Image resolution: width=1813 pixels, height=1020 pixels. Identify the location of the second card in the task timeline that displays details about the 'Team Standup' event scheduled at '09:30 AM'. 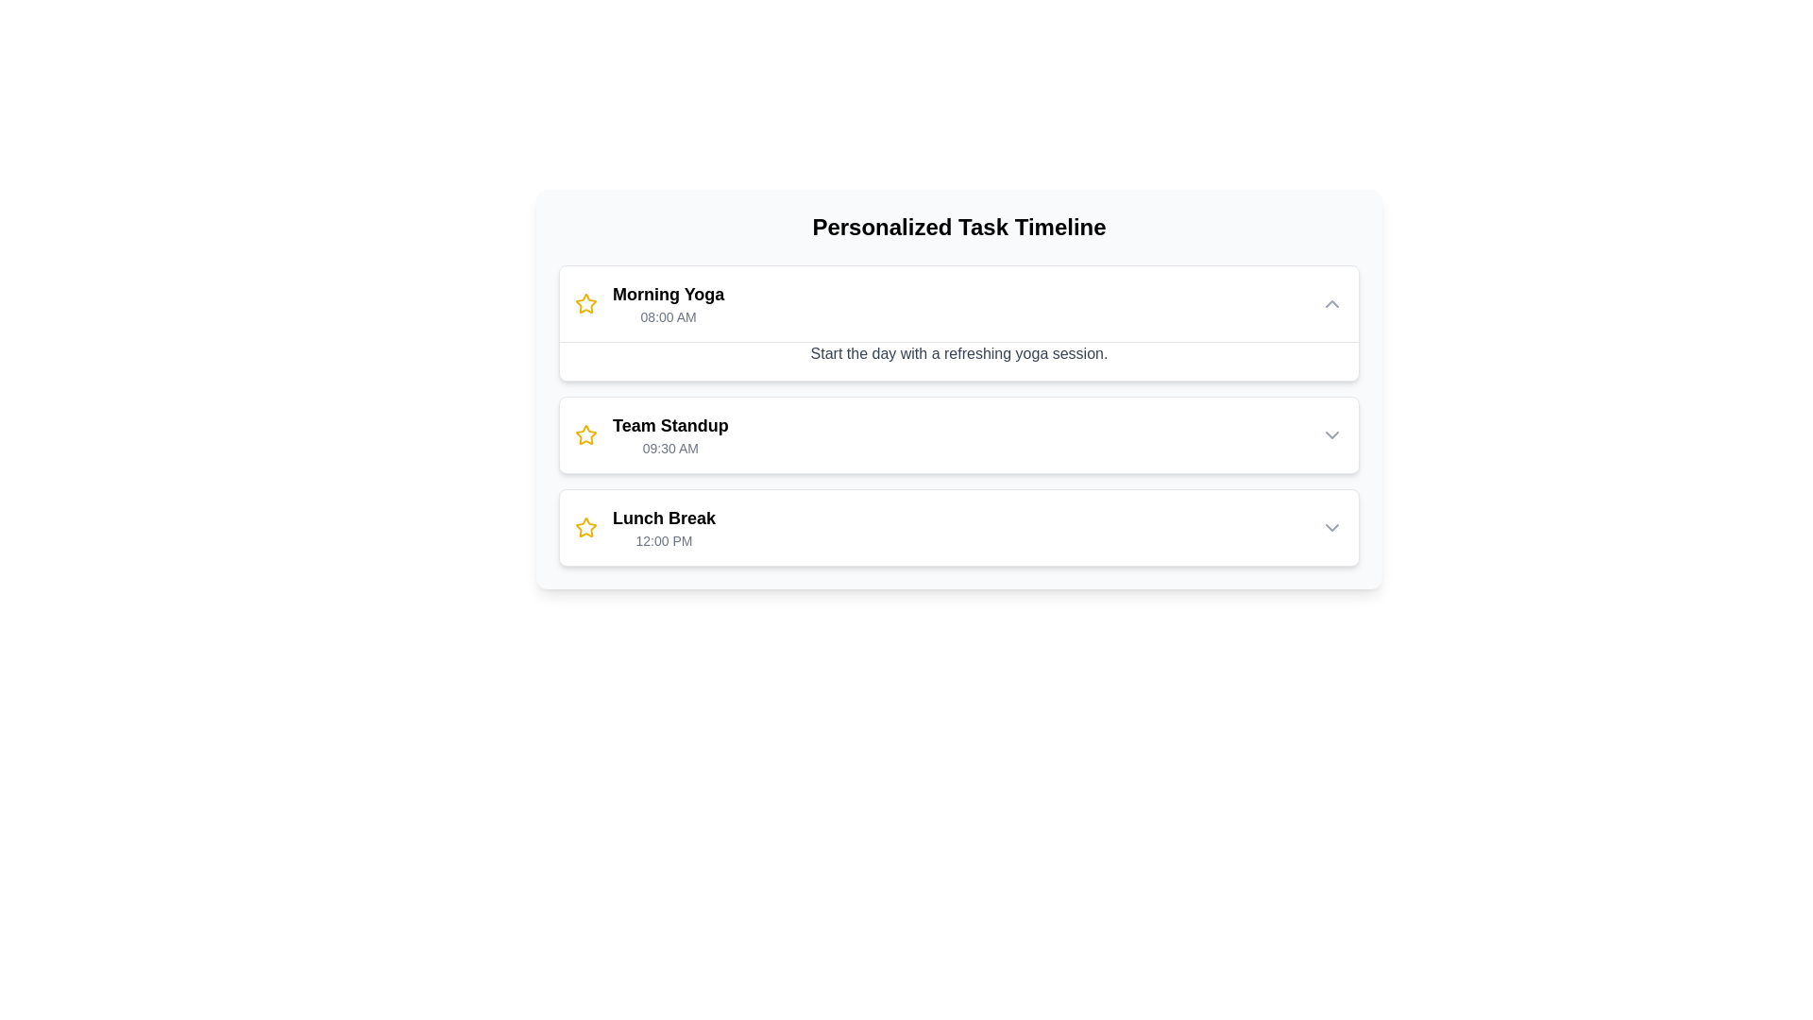
(959, 435).